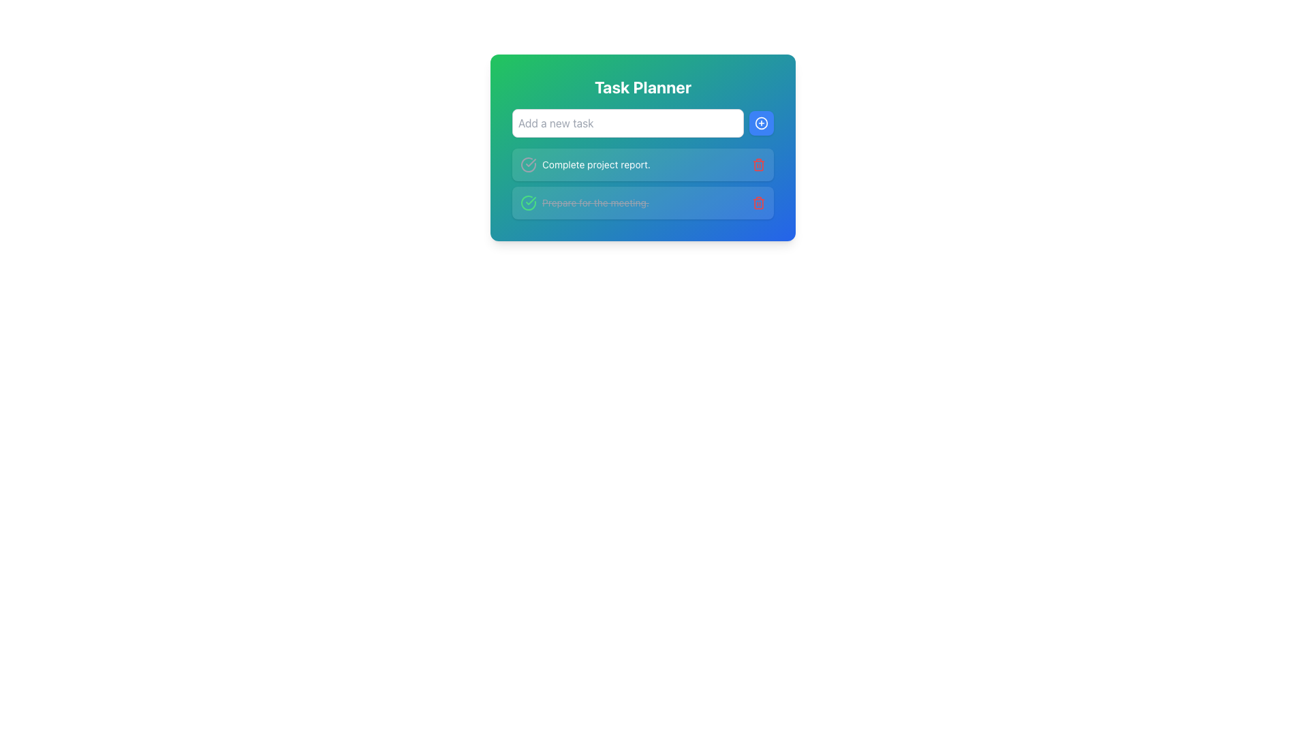  I want to click on the task item in the task planner application, so click(642, 164).